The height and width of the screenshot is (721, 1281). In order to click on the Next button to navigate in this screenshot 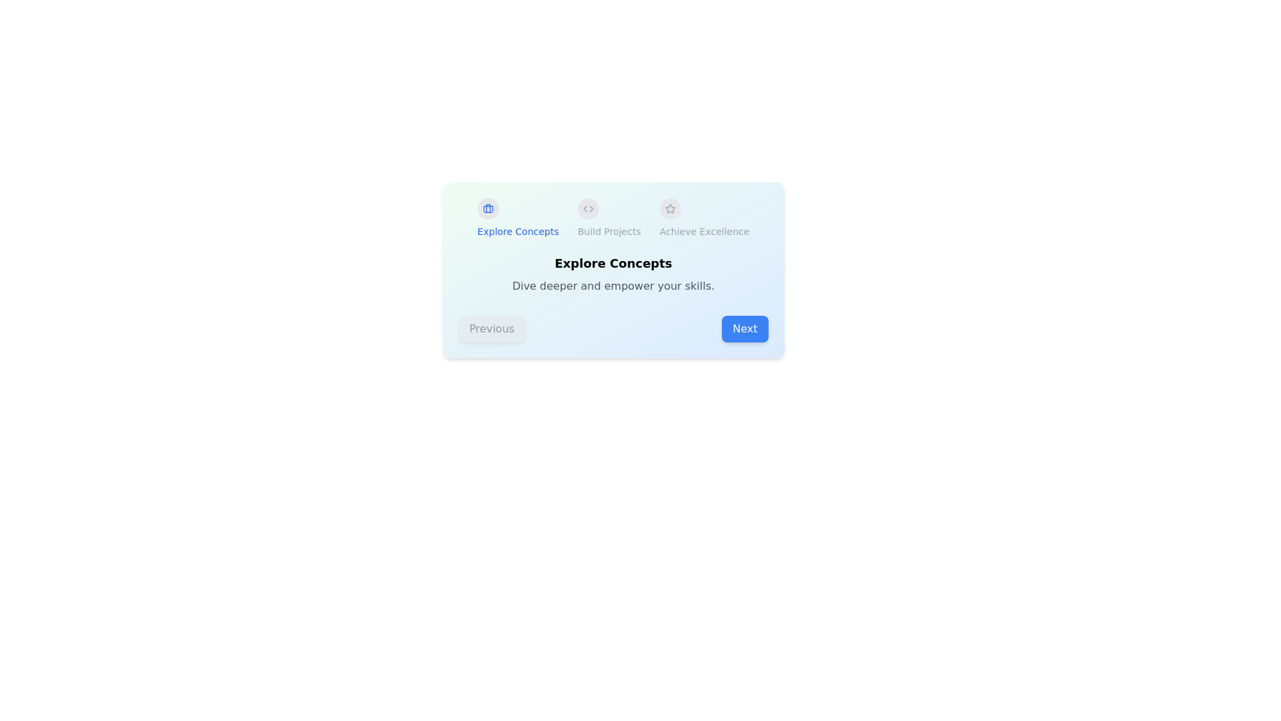, I will do `click(744, 329)`.